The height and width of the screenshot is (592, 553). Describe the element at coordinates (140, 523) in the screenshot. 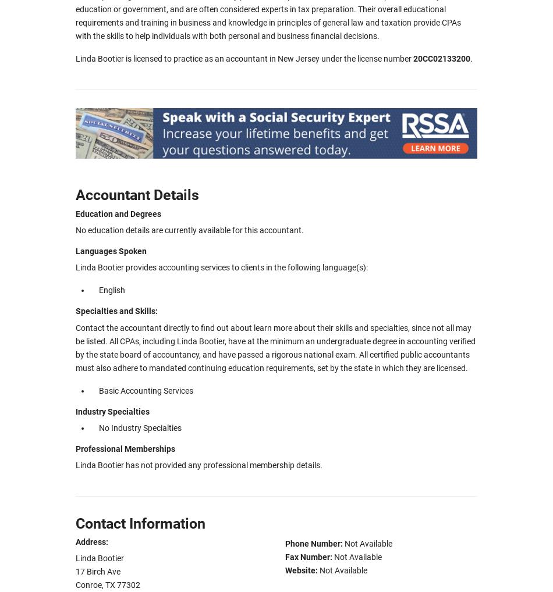

I see `'Contact Information'` at that location.